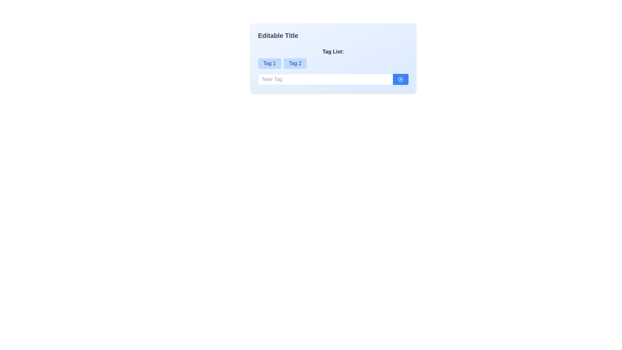  What do you see at coordinates (278, 36) in the screenshot?
I see `the editable header or title element located near the top-left of the blue box interface to potentially edit it` at bounding box center [278, 36].